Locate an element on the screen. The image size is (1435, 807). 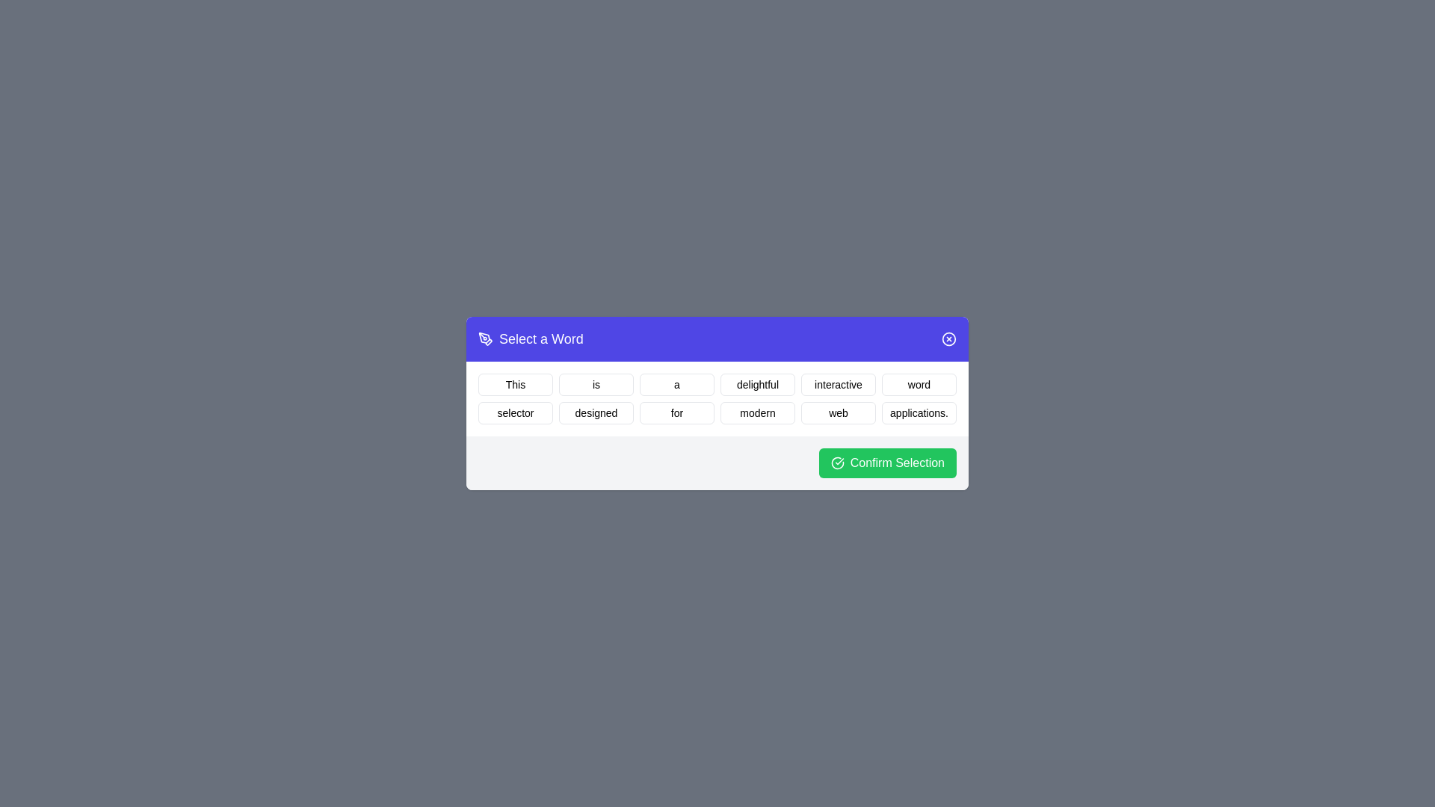
the displayed instructions and textual content by focusing on the dialog area is located at coordinates (717, 403).